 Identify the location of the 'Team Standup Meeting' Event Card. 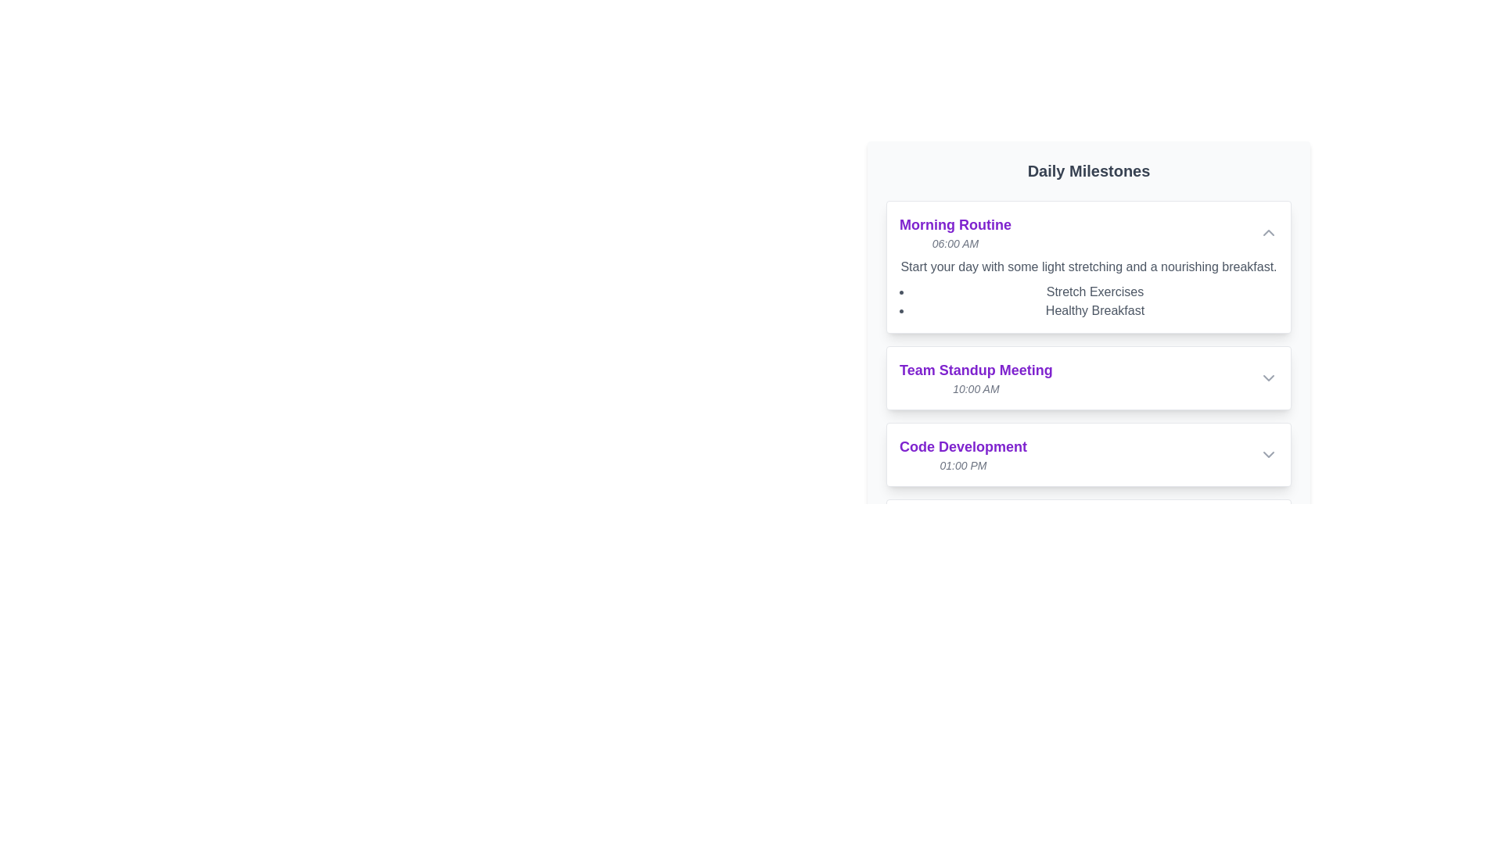
(1088, 382).